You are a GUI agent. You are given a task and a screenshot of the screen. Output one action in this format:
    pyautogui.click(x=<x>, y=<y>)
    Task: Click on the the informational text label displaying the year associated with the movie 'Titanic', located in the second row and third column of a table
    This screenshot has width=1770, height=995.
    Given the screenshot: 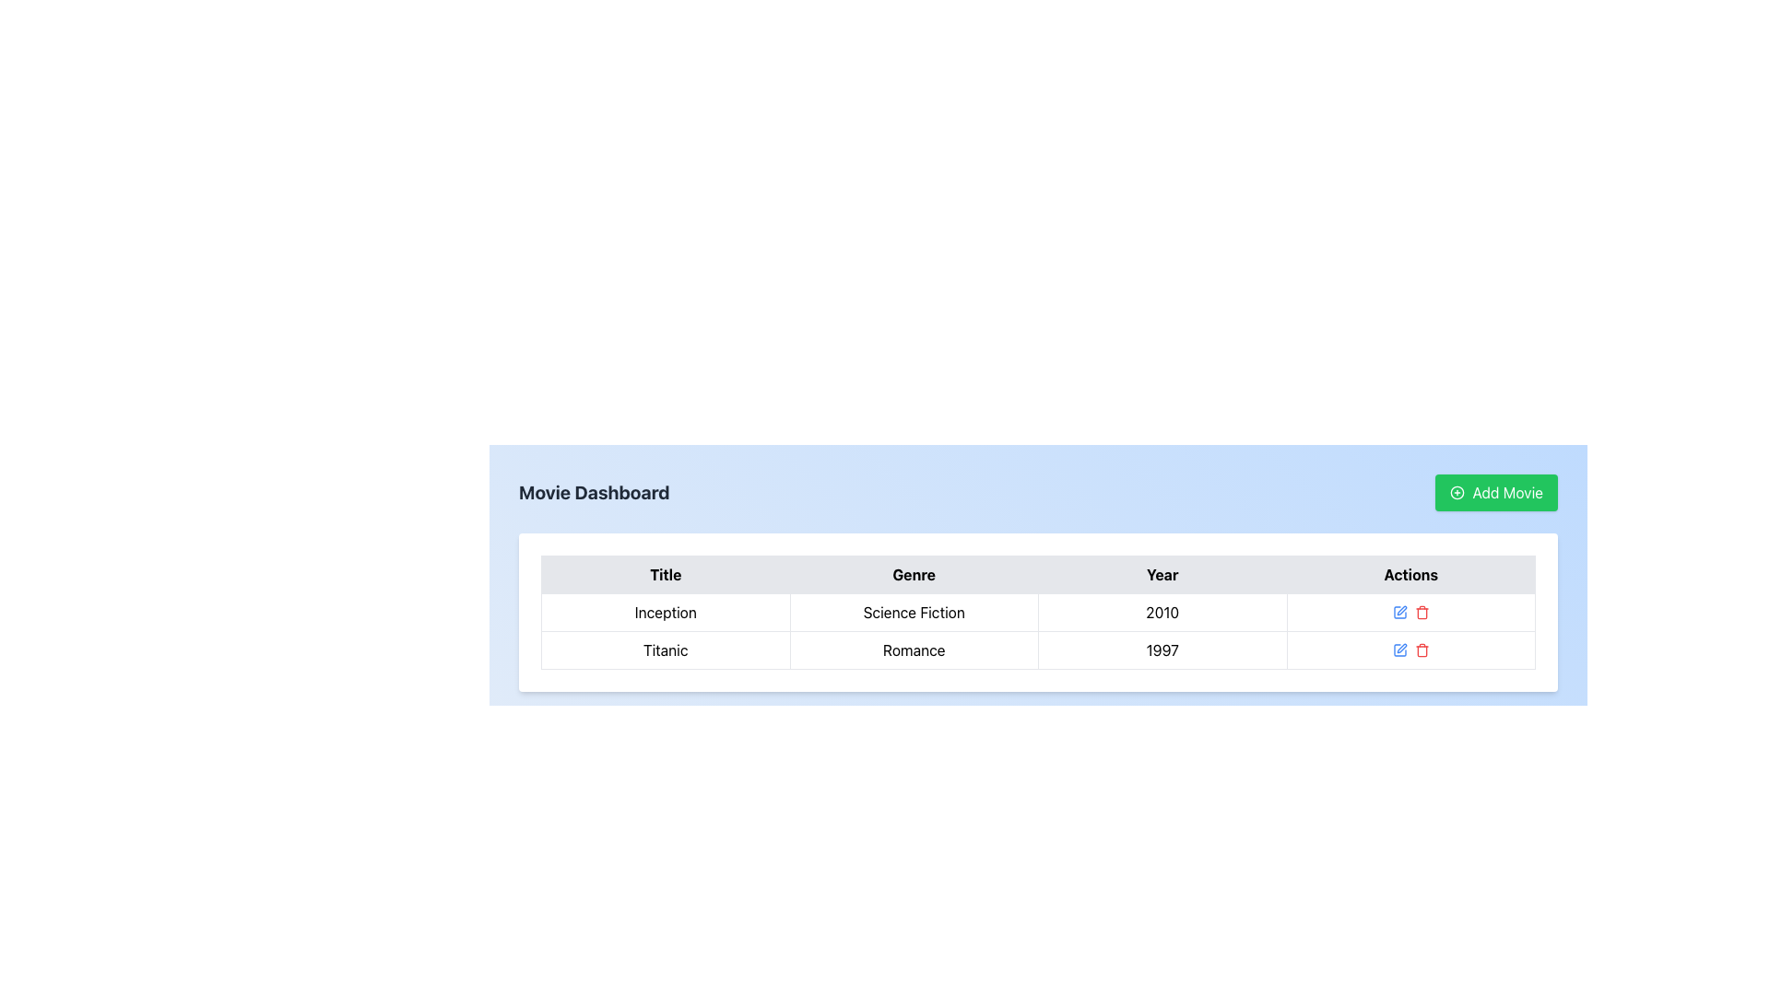 What is the action you would take?
    pyautogui.click(x=1162, y=649)
    